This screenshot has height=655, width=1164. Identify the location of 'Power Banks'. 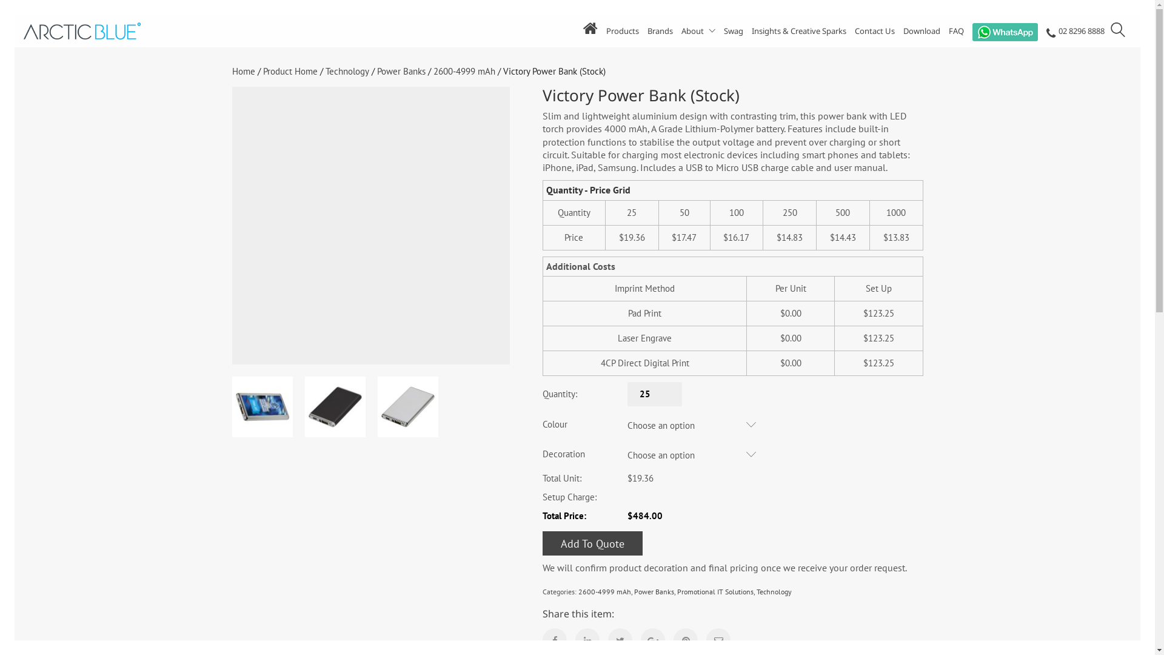
(401, 72).